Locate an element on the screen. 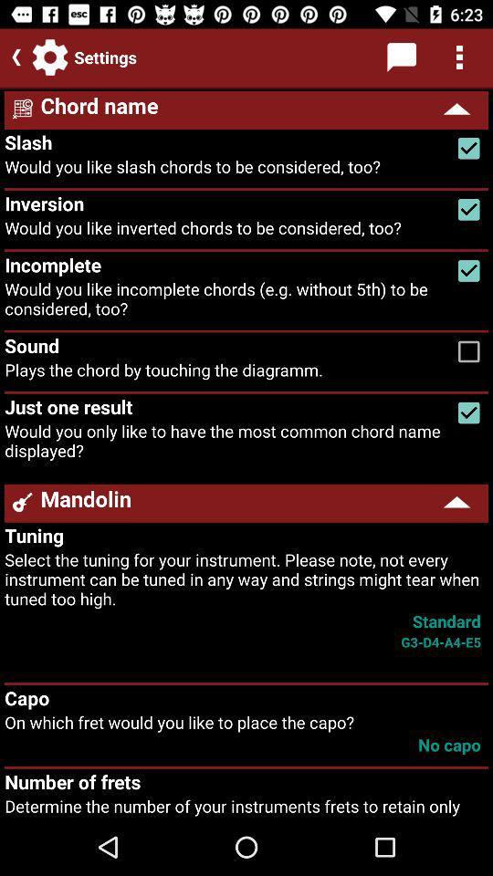 This screenshot has width=493, height=876. the arrow_upward icon is located at coordinates (463, 109).